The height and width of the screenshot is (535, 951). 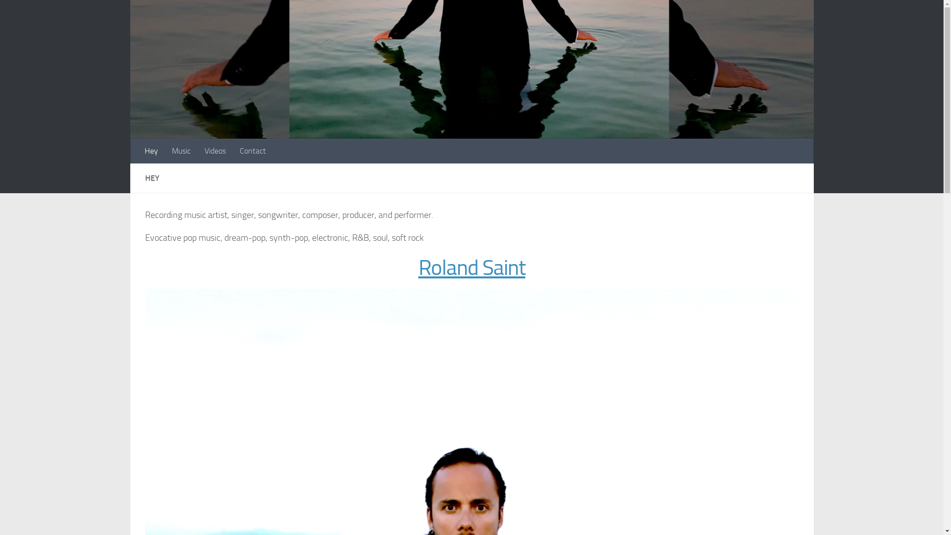 What do you see at coordinates (253, 151) in the screenshot?
I see `'Contact'` at bounding box center [253, 151].